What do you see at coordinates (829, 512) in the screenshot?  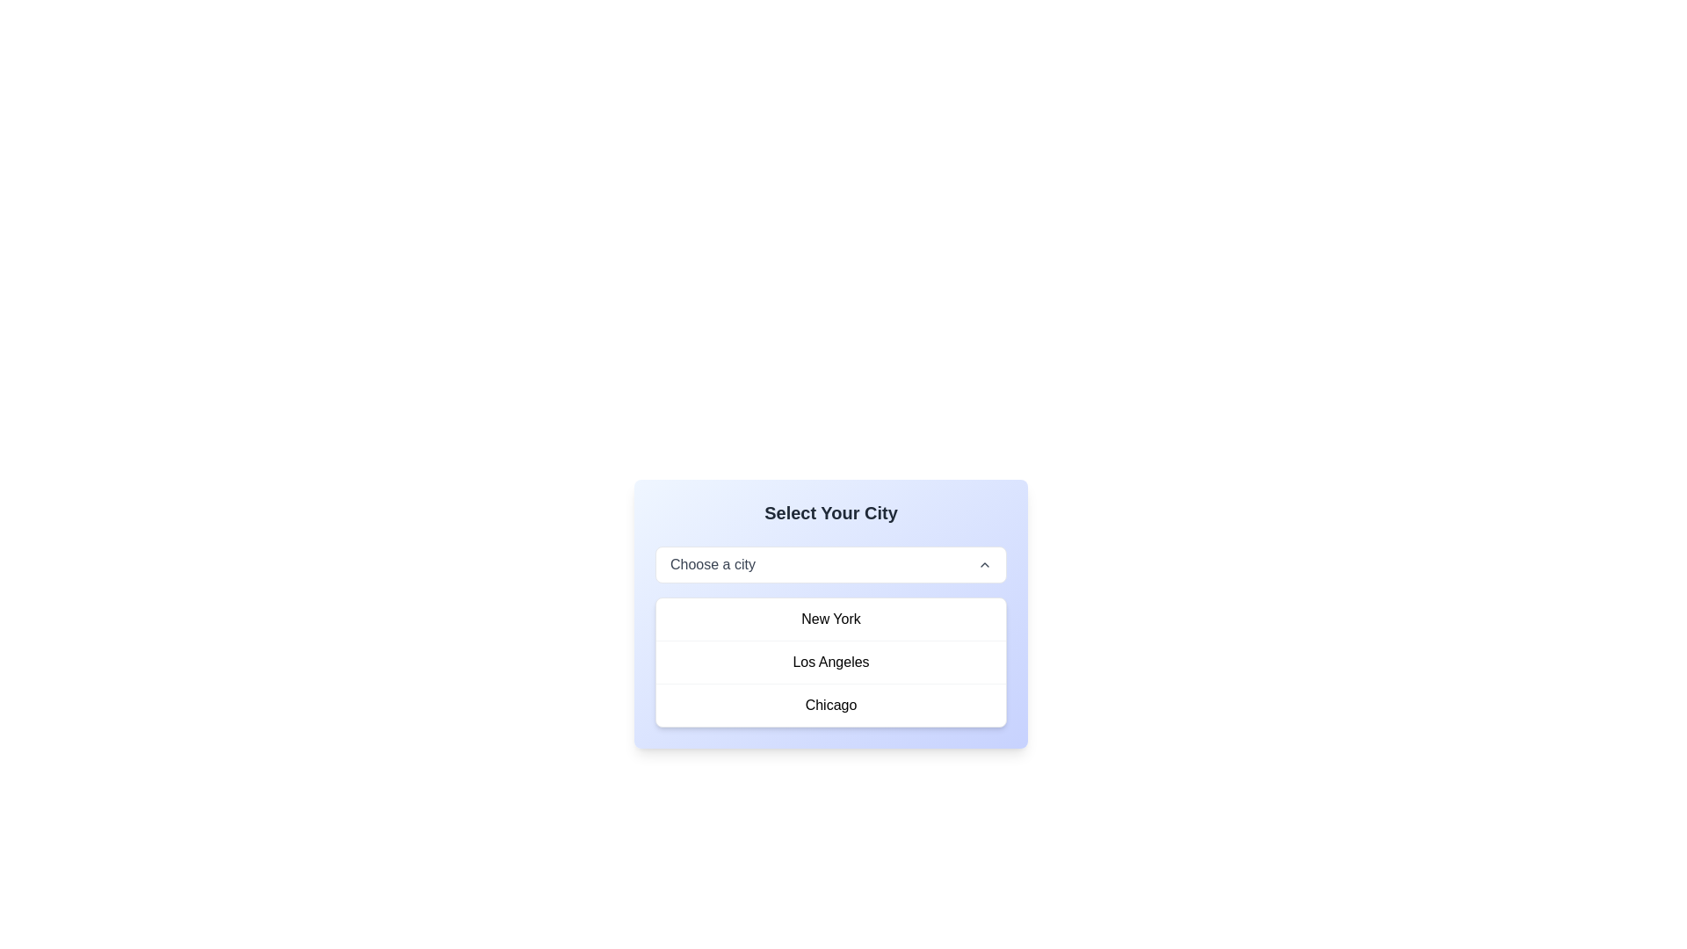 I see `text from the Text Label that introduces the content for selecting a city, which is positioned above the 'Choose a city' dropdown` at bounding box center [829, 512].